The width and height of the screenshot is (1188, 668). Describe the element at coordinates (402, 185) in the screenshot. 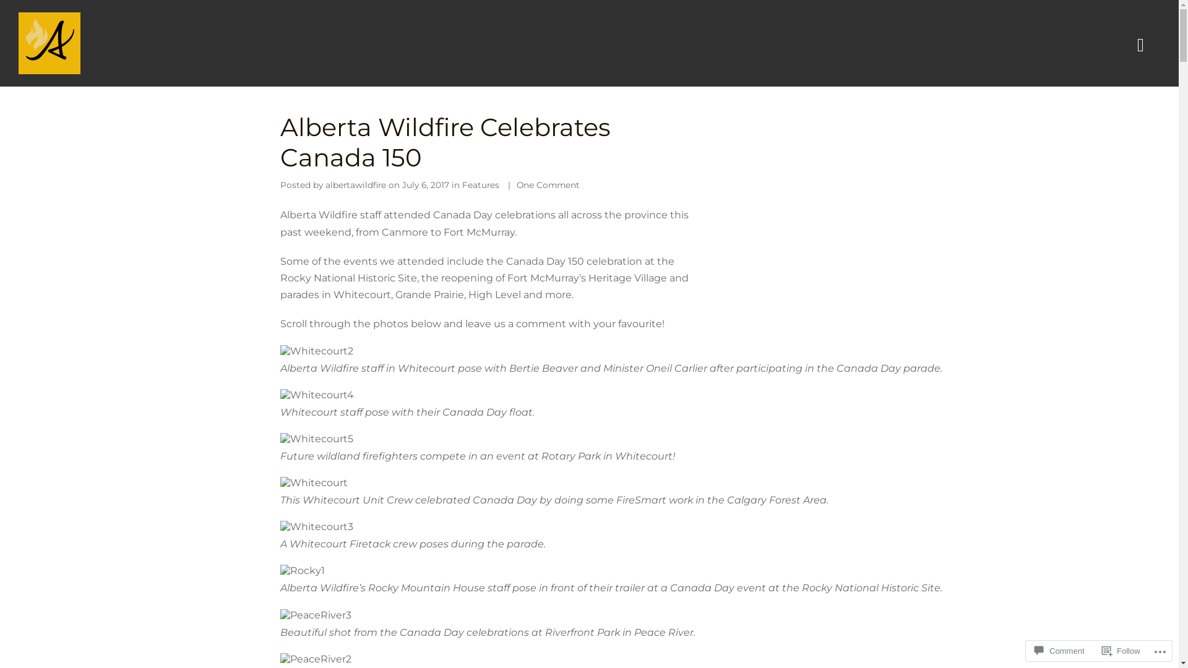

I see `'July 6, 2017'` at that location.